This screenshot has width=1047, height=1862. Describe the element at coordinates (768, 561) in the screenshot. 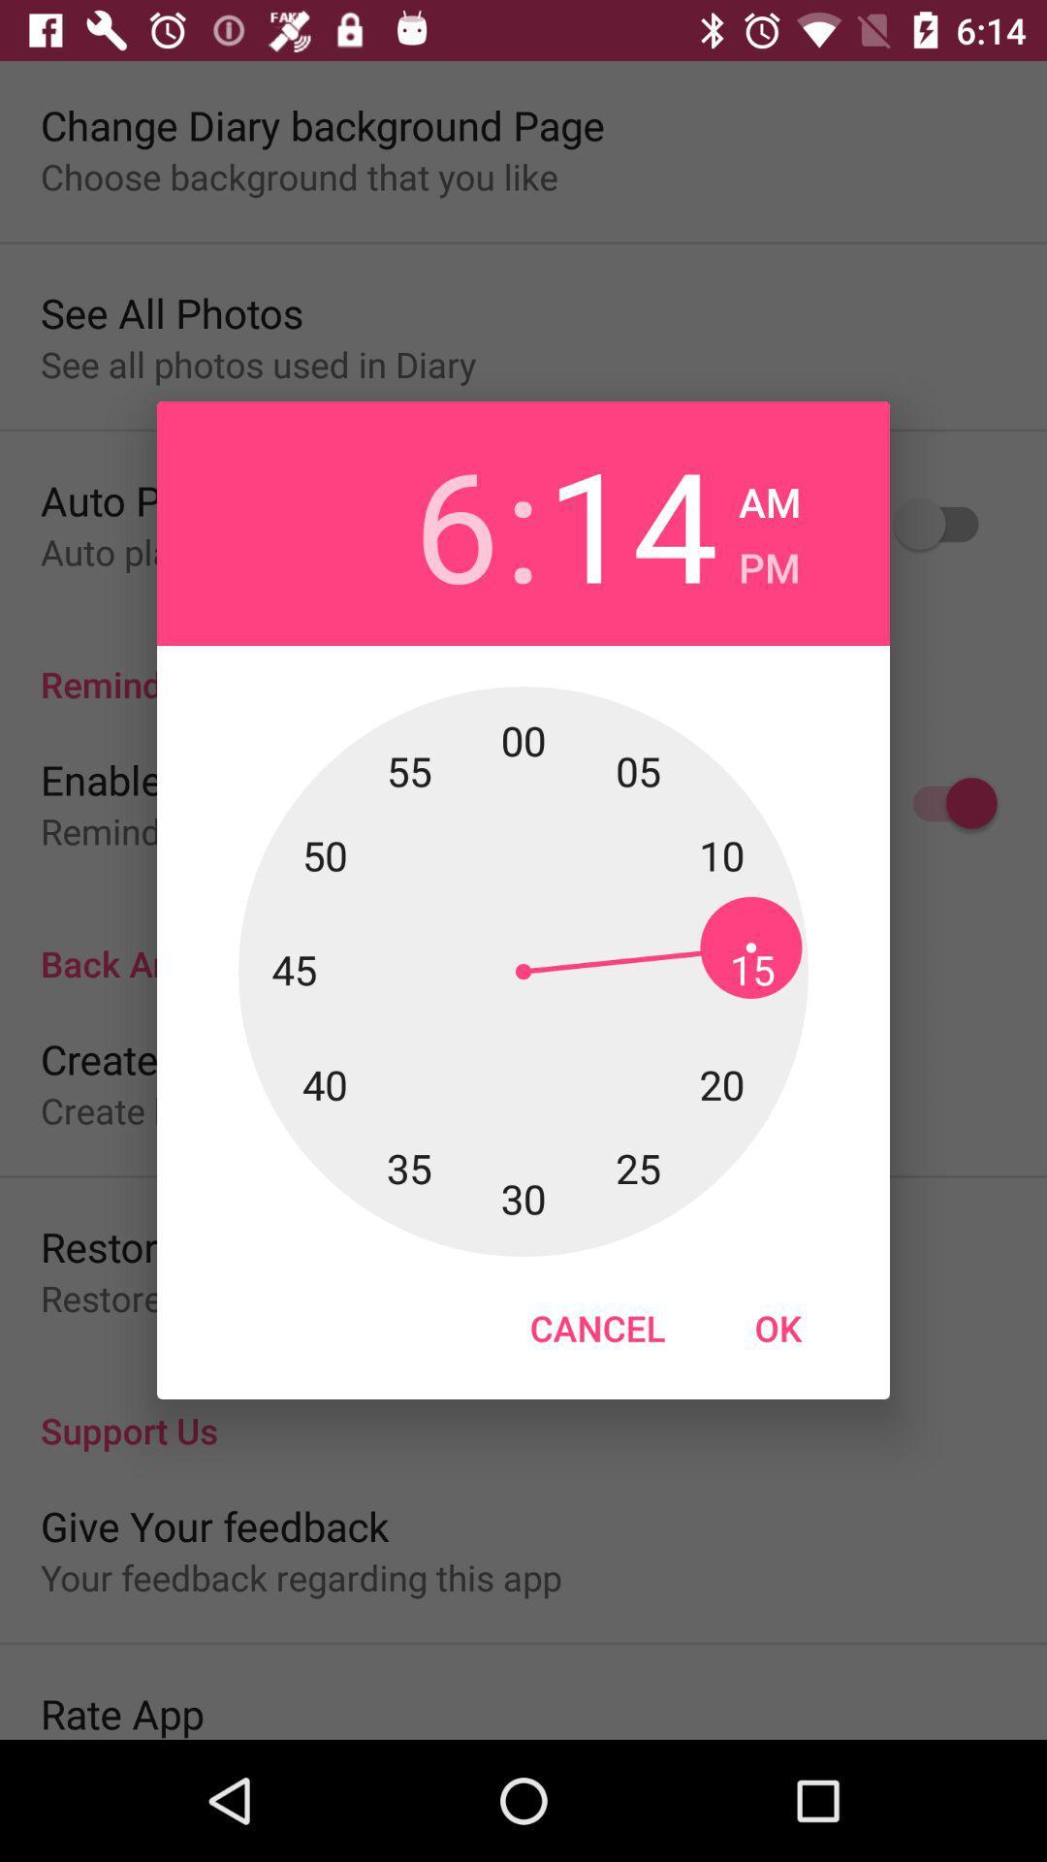

I see `the icon to the right of the 14 app` at that location.